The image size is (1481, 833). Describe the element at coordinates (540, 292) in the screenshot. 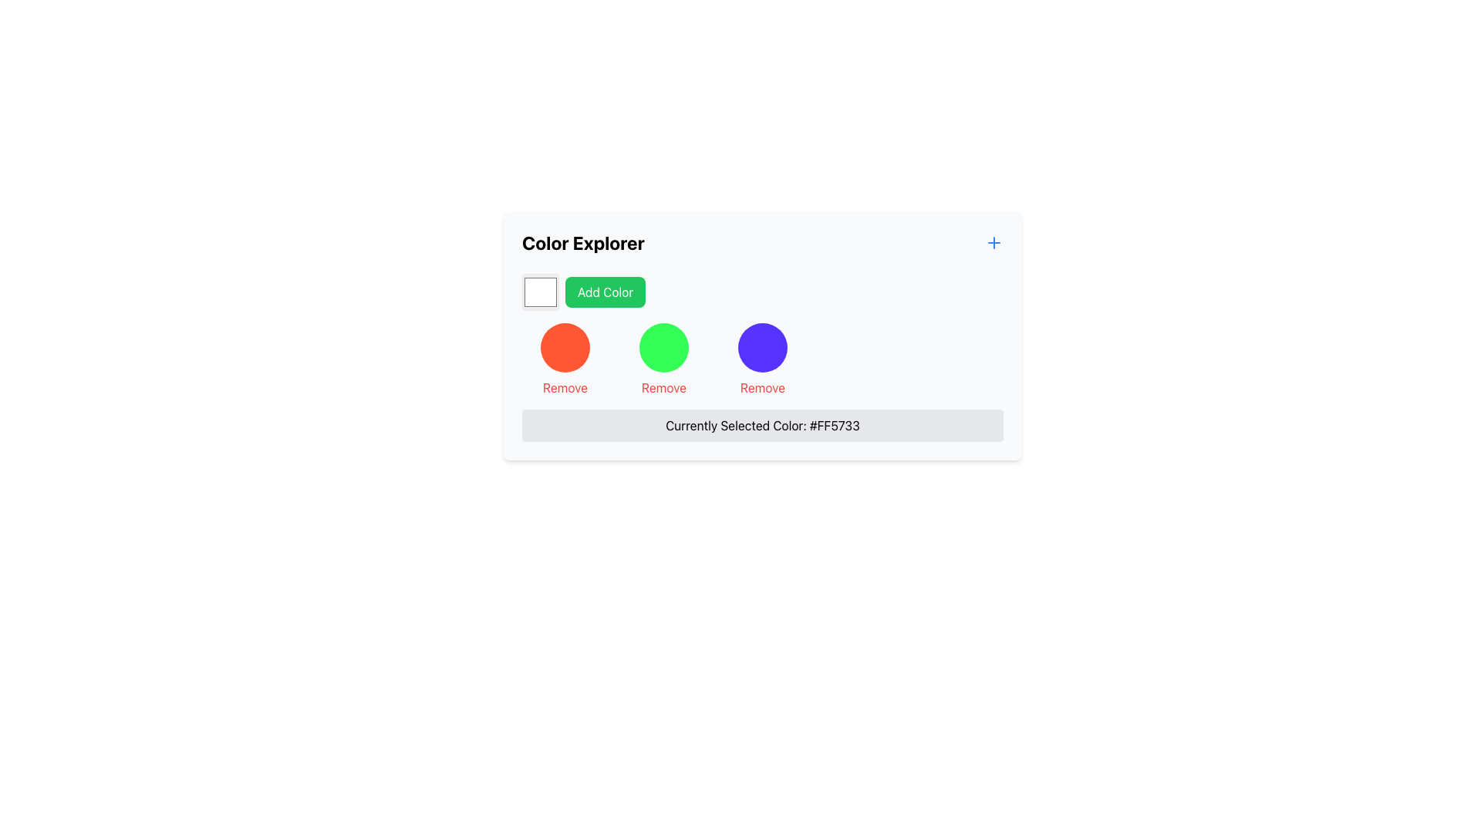

I see `the color selection button located to the left of the green 'Add Color' button` at that location.